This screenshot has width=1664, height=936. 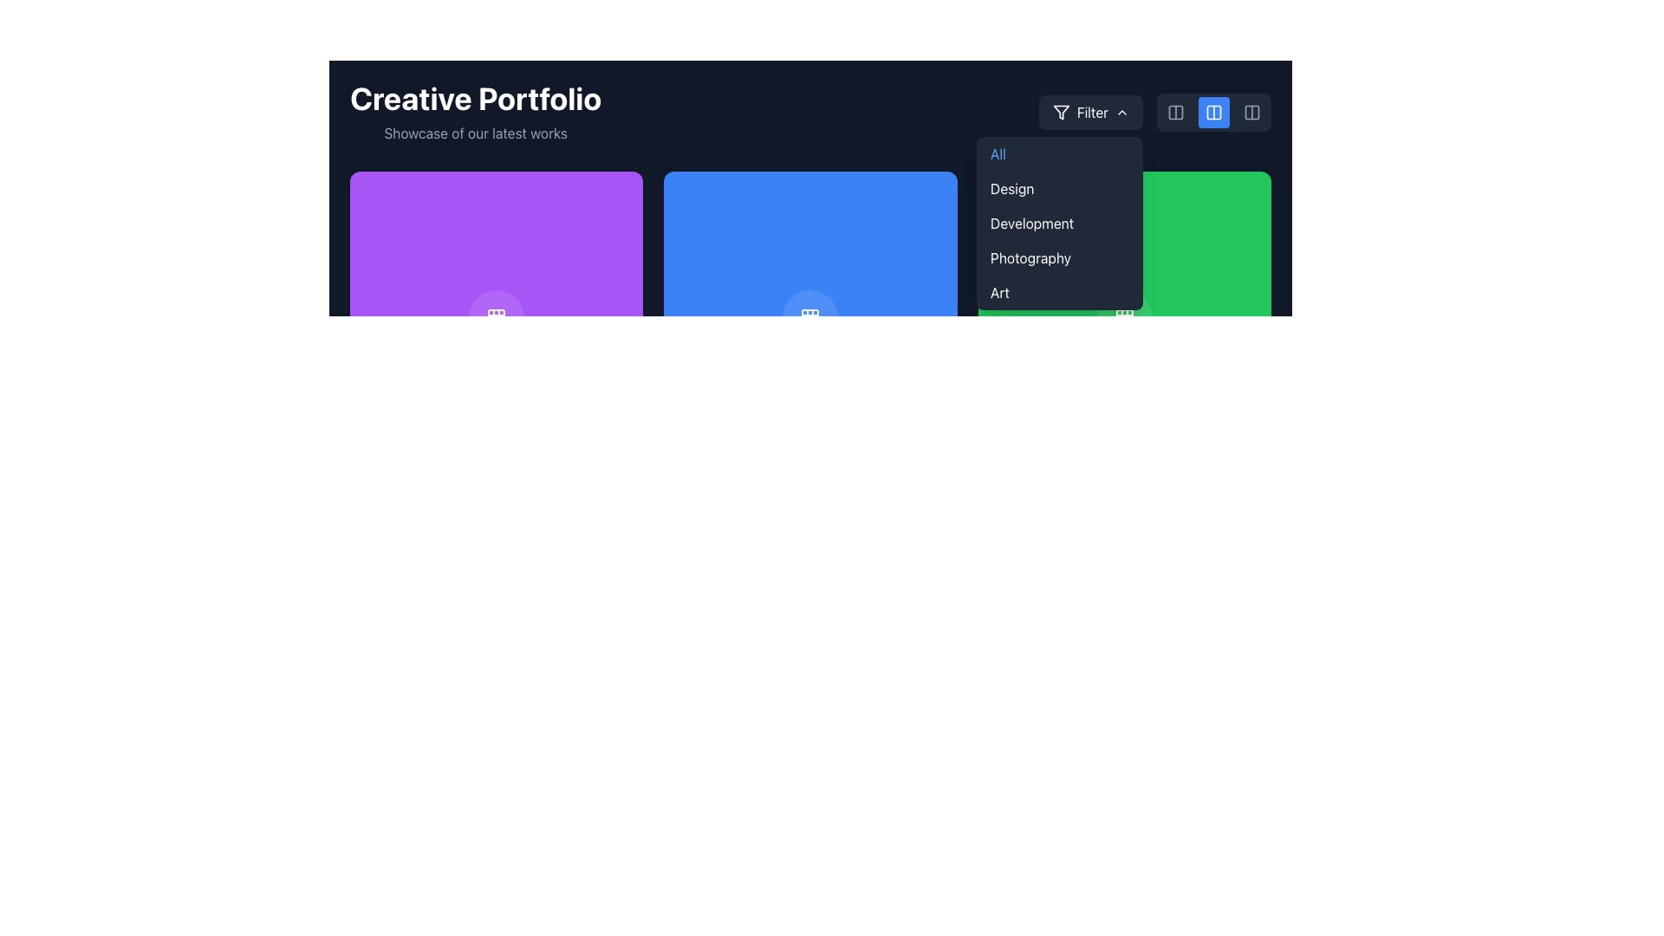 What do you see at coordinates (496, 318) in the screenshot?
I see `the graphical thumbnail or card with a purple background and a white grid icon, located at the top-left corner of the grid adjacent to the 'Creative Portfolio' header` at bounding box center [496, 318].